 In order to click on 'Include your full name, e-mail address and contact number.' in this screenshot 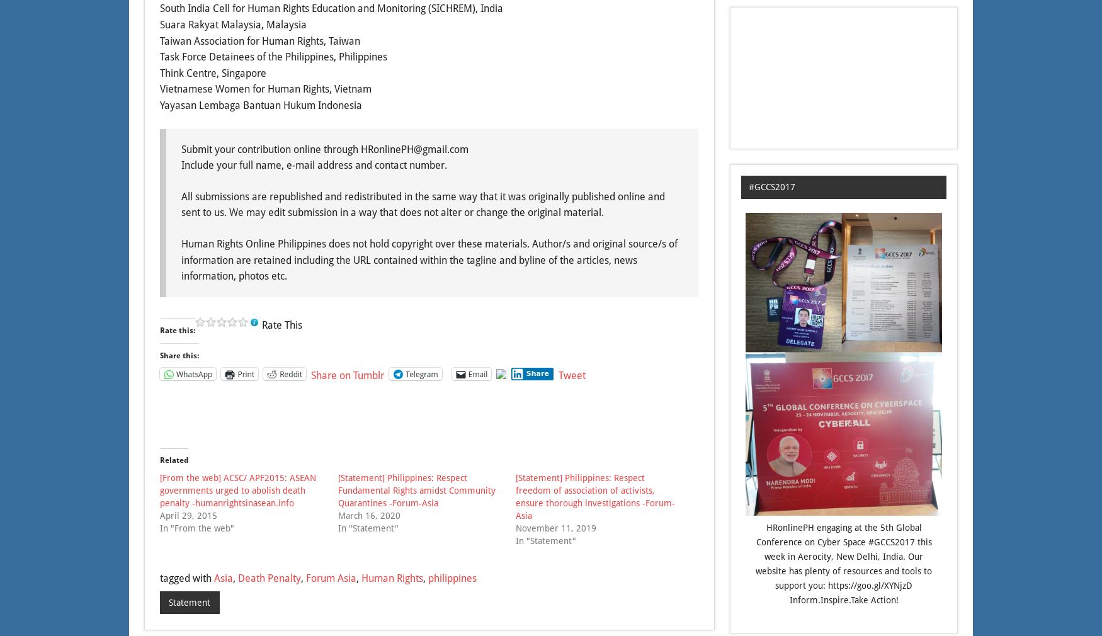, I will do `click(314, 165)`.